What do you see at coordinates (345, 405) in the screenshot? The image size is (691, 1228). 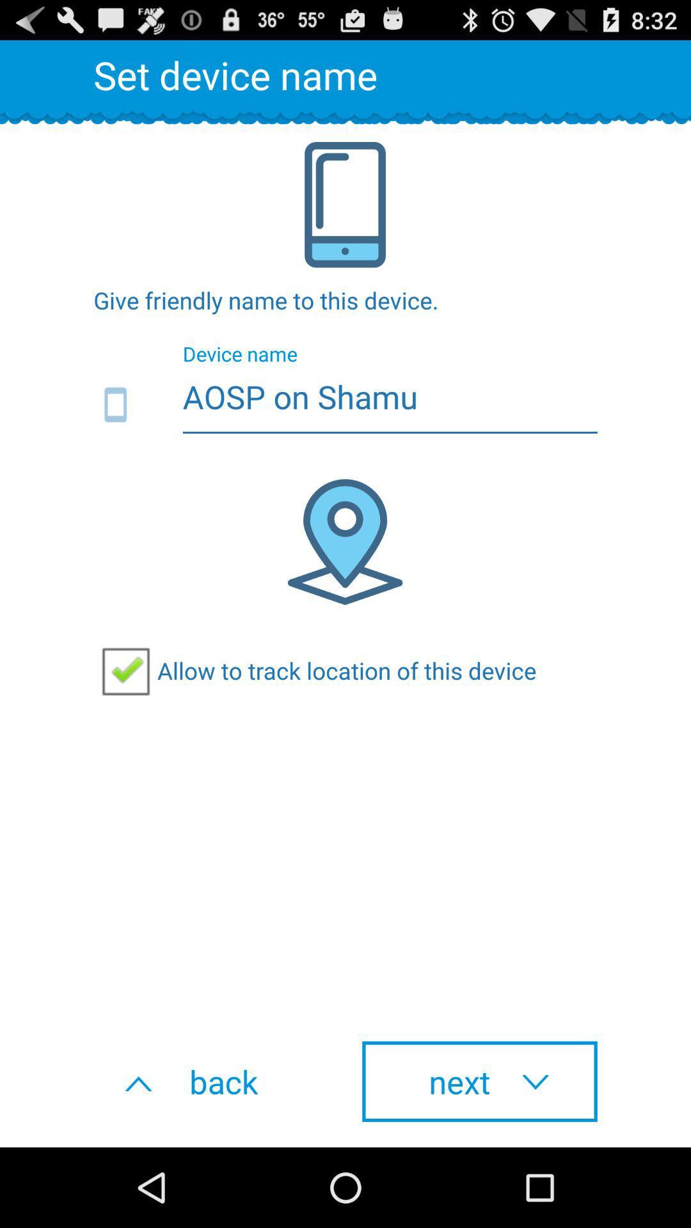 I see `aosp on shamu icon` at bounding box center [345, 405].